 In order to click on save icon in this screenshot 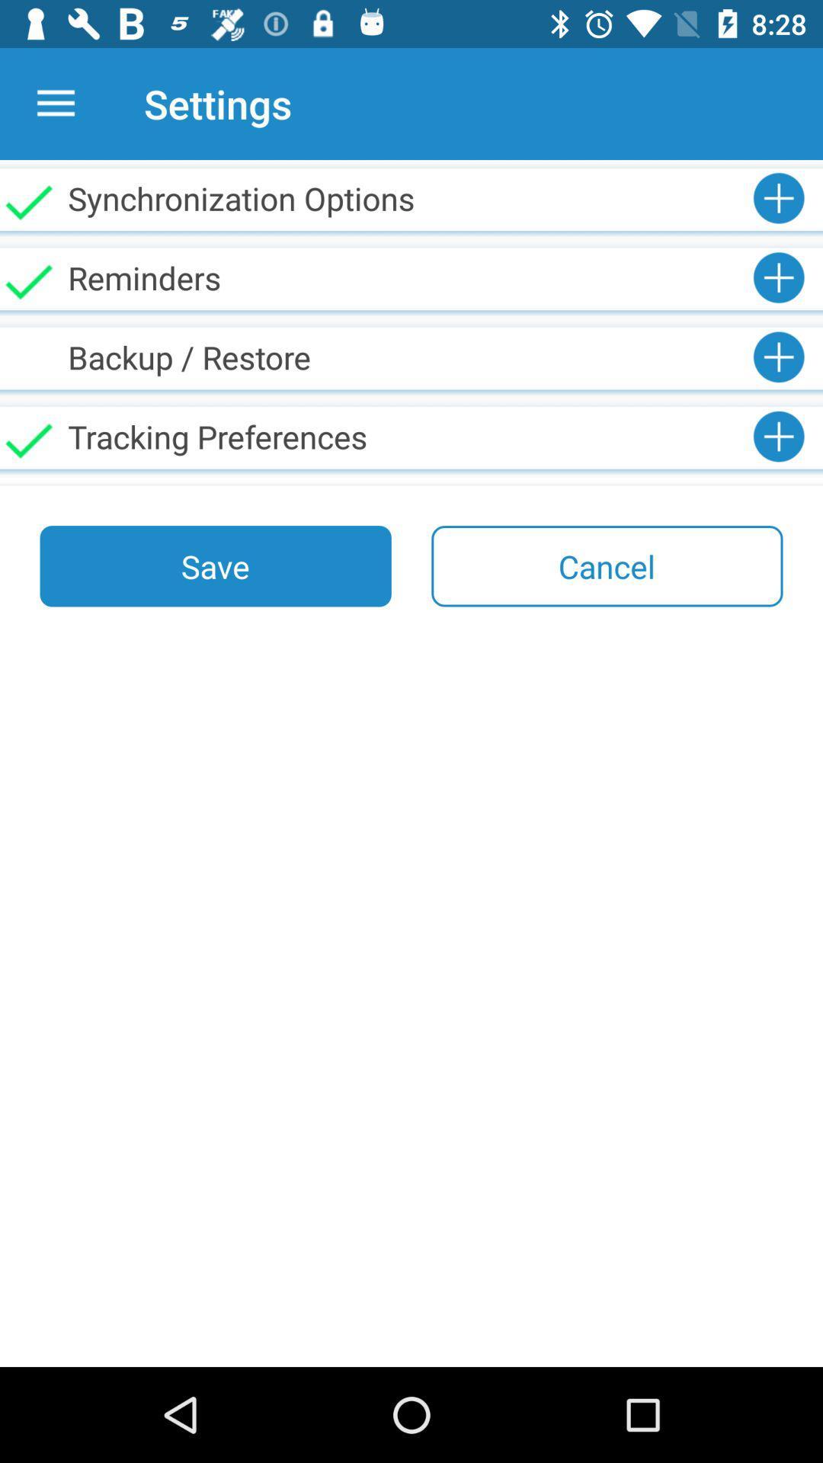, I will do `click(216, 565)`.